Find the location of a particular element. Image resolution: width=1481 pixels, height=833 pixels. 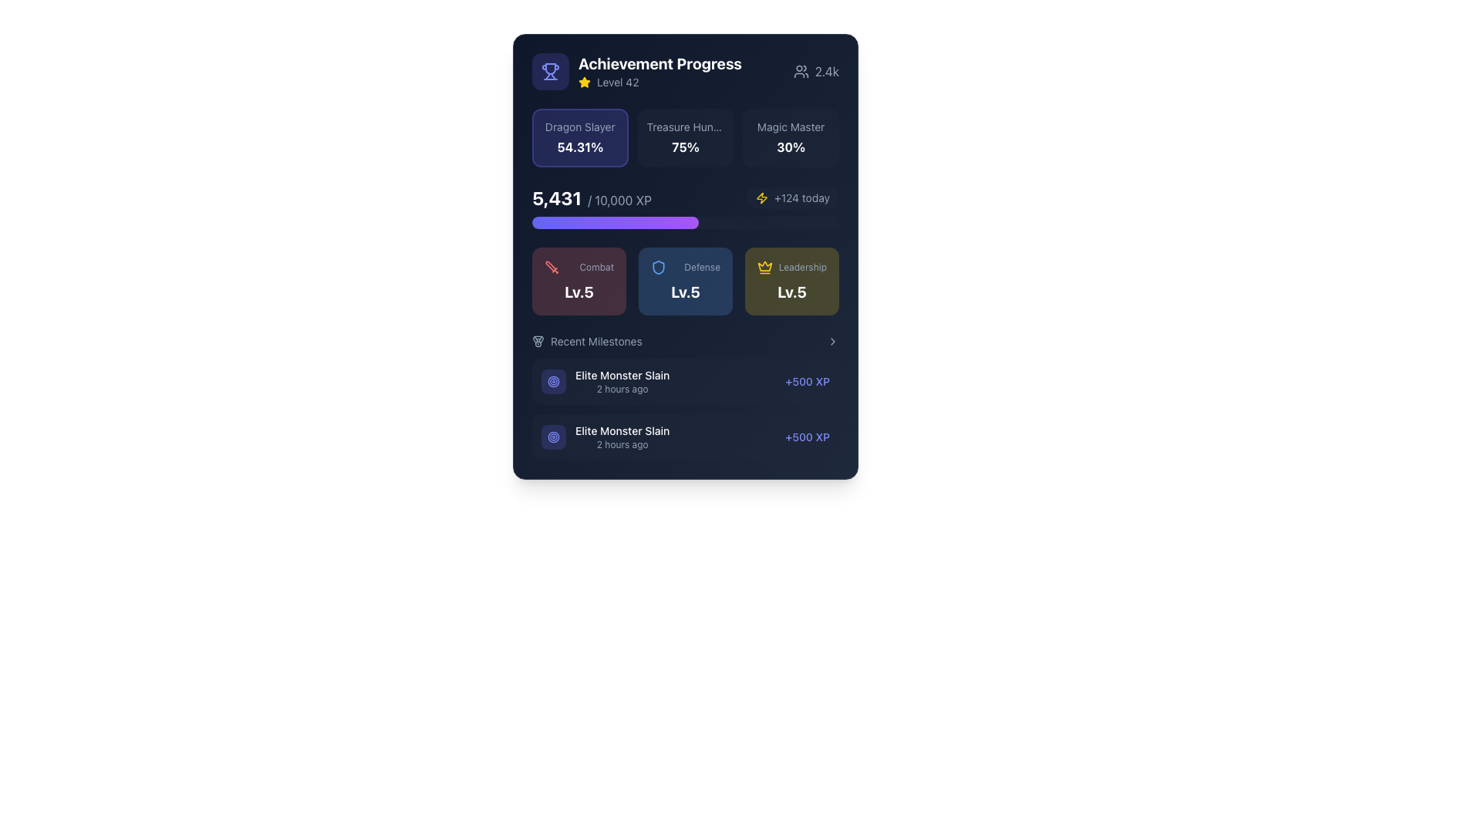

the trophy icon with an indigo hue, located in the 'Achievement Progress' section next to 'Level 42' is located at coordinates (551, 68).